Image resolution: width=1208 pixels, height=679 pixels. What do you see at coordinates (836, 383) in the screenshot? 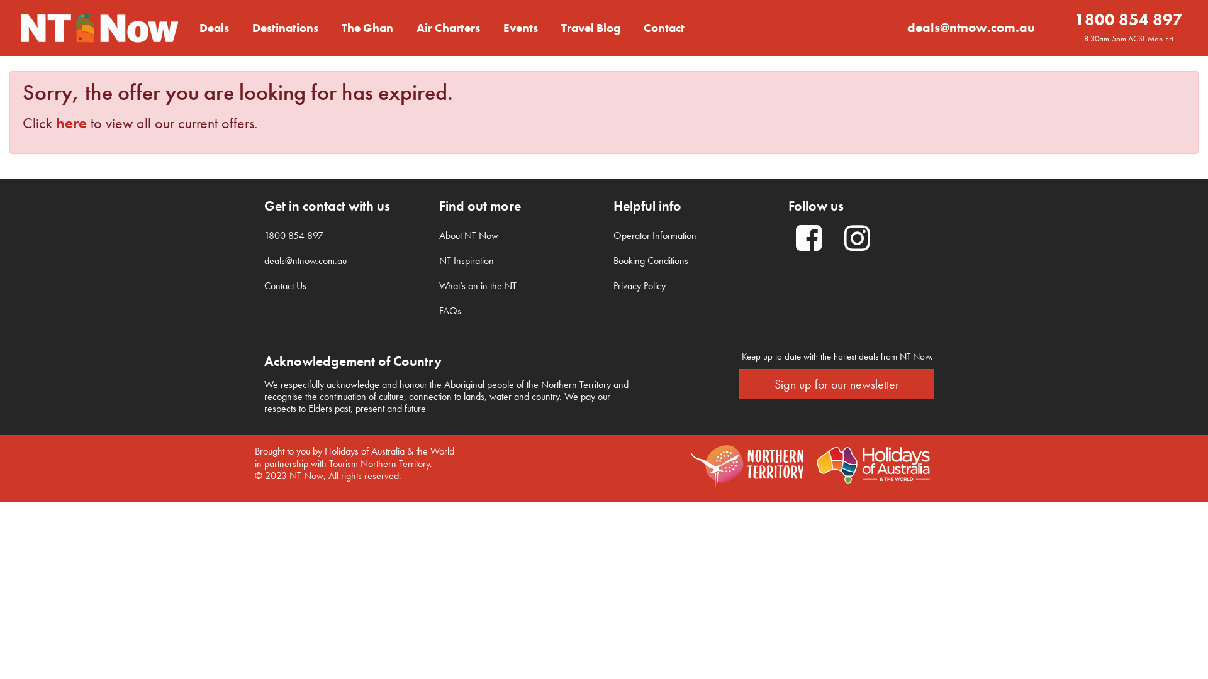
I see `'Sign up for our newsletter'` at bounding box center [836, 383].